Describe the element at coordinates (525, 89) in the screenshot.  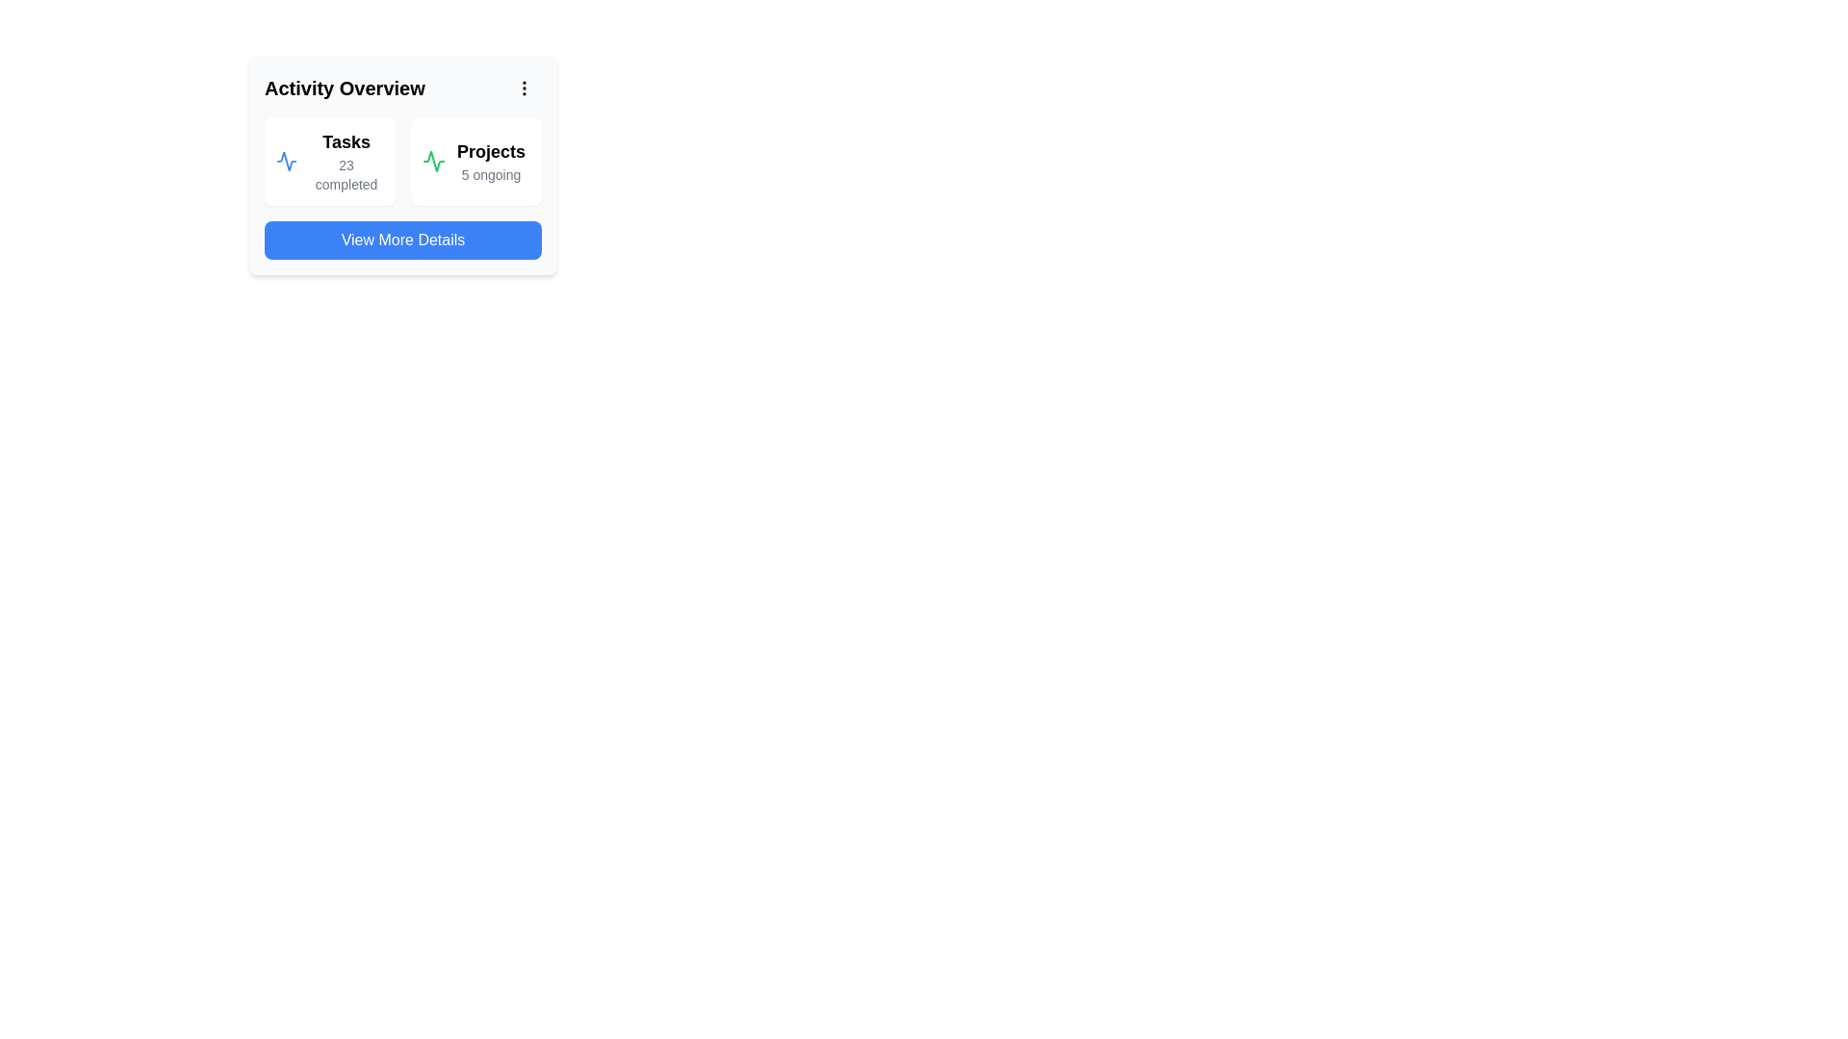
I see `the options icon located at the top-right corner of the 'Activity Overview' card` at that location.